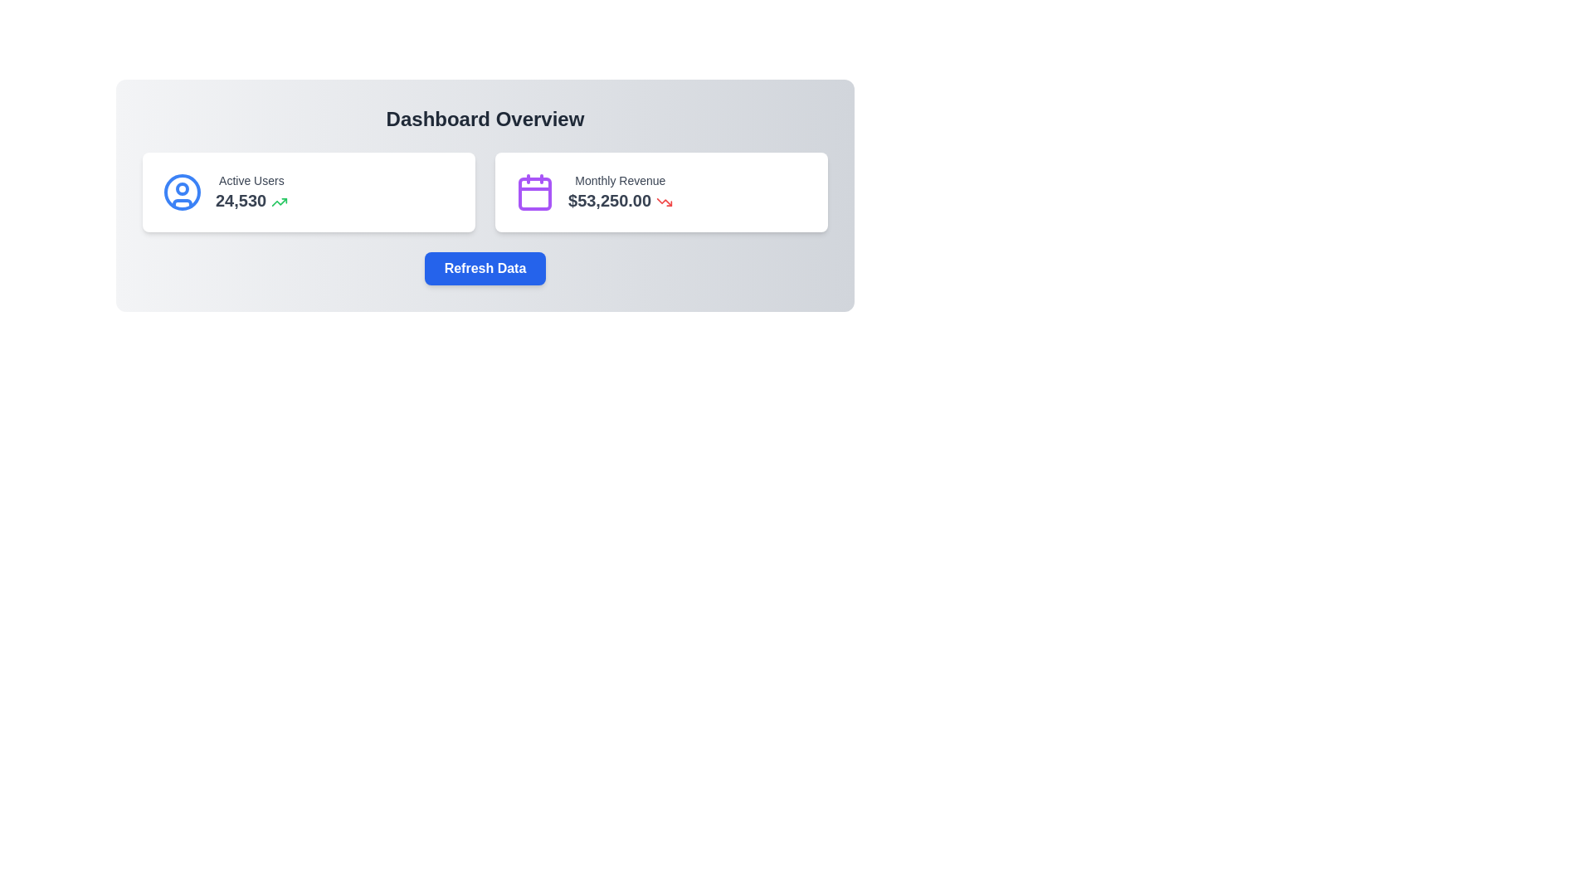  What do you see at coordinates (619, 200) in the screenshot?
I see `the bolded static text label displaying the amount '$53,250.00' located under the 'Monthly Revenue' heading on the dashboard interface` at bounding box center [619, 200].